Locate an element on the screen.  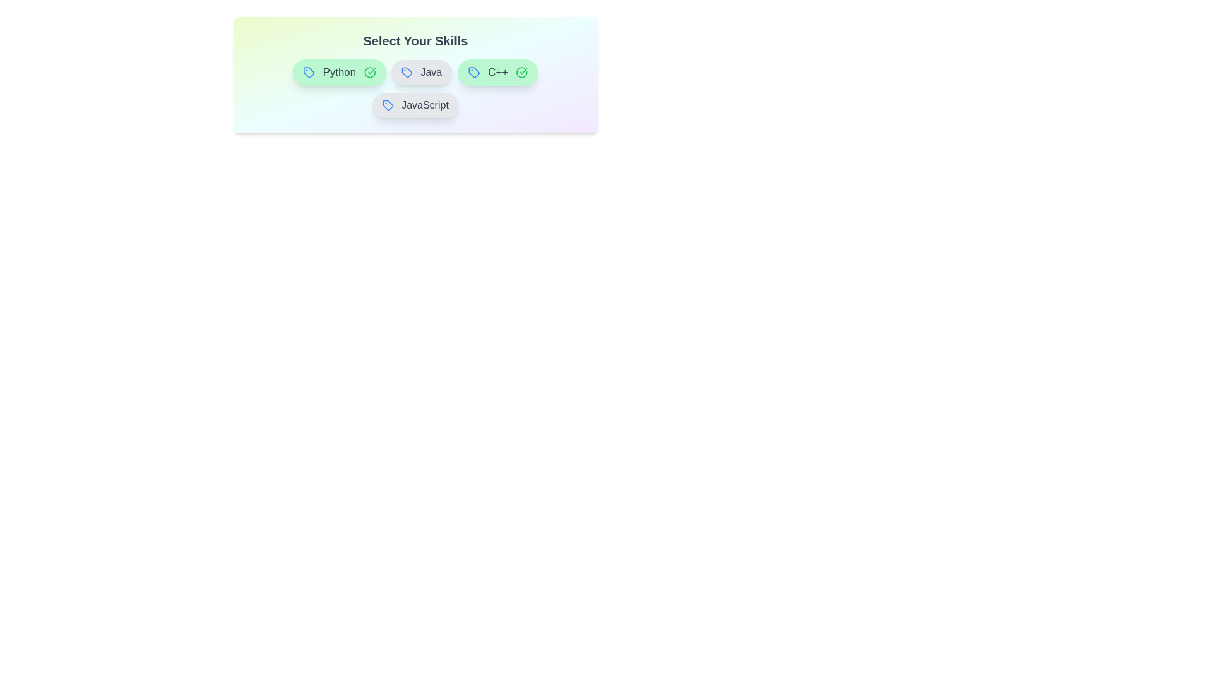
the badge for the skill C++ is located at coordinates (497, 73).